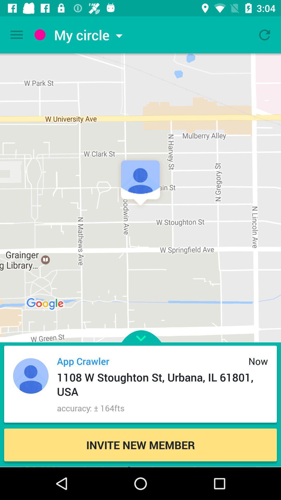 The width and height of the screenshot is (281, 500). What do you see at coordinates (140, 328) in the screenshot?
I see `make the screen larger` at bounding box center [140, 328].